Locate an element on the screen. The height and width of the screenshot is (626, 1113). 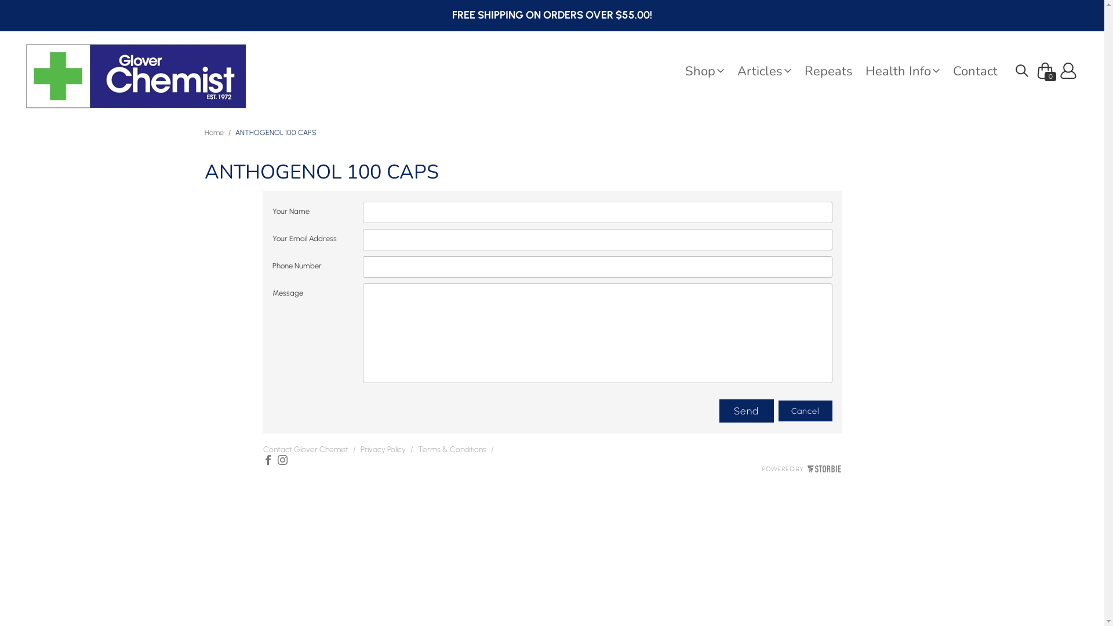
'Terms & Conditions' is located at coordinates (417, 451).